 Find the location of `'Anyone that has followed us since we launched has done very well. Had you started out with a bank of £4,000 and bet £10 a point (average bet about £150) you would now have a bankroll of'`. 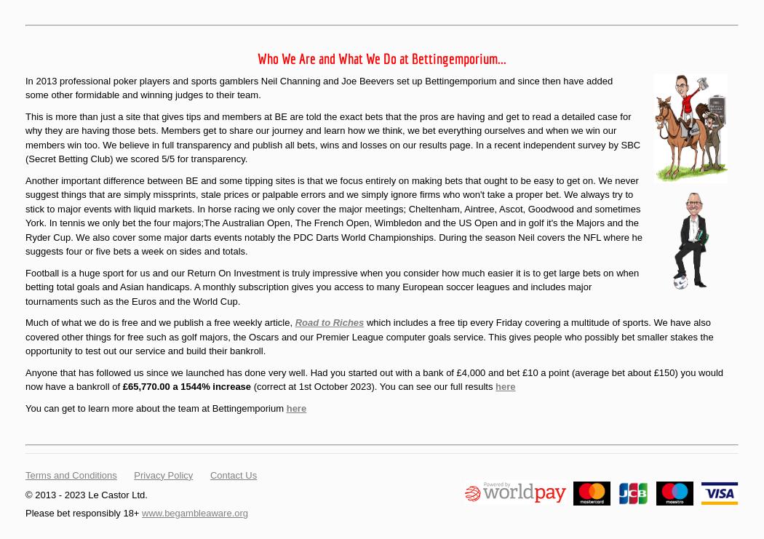

'Anyone that has followed us since we launched has done very well. Had you started out with a bank of £4,000 and bet £10 a point (average bet about £150) you would now have a bankroll of' is located at coordinates (373, 378).